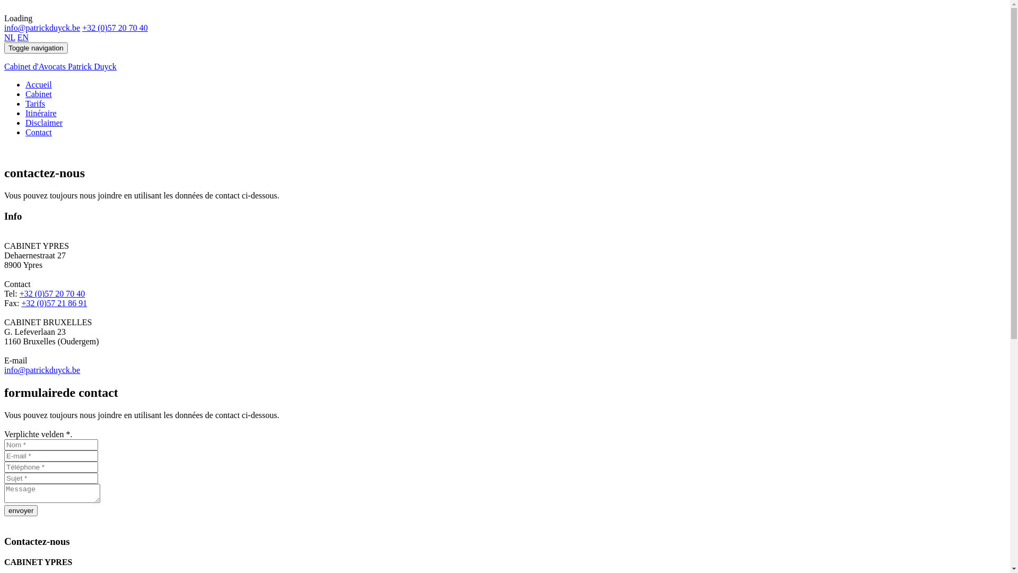 The height and width of the screenshot is (573, 1018). Describe the element at coordinates (25, 122) in the screenshot. I see `'Disclaimer'` at that location.